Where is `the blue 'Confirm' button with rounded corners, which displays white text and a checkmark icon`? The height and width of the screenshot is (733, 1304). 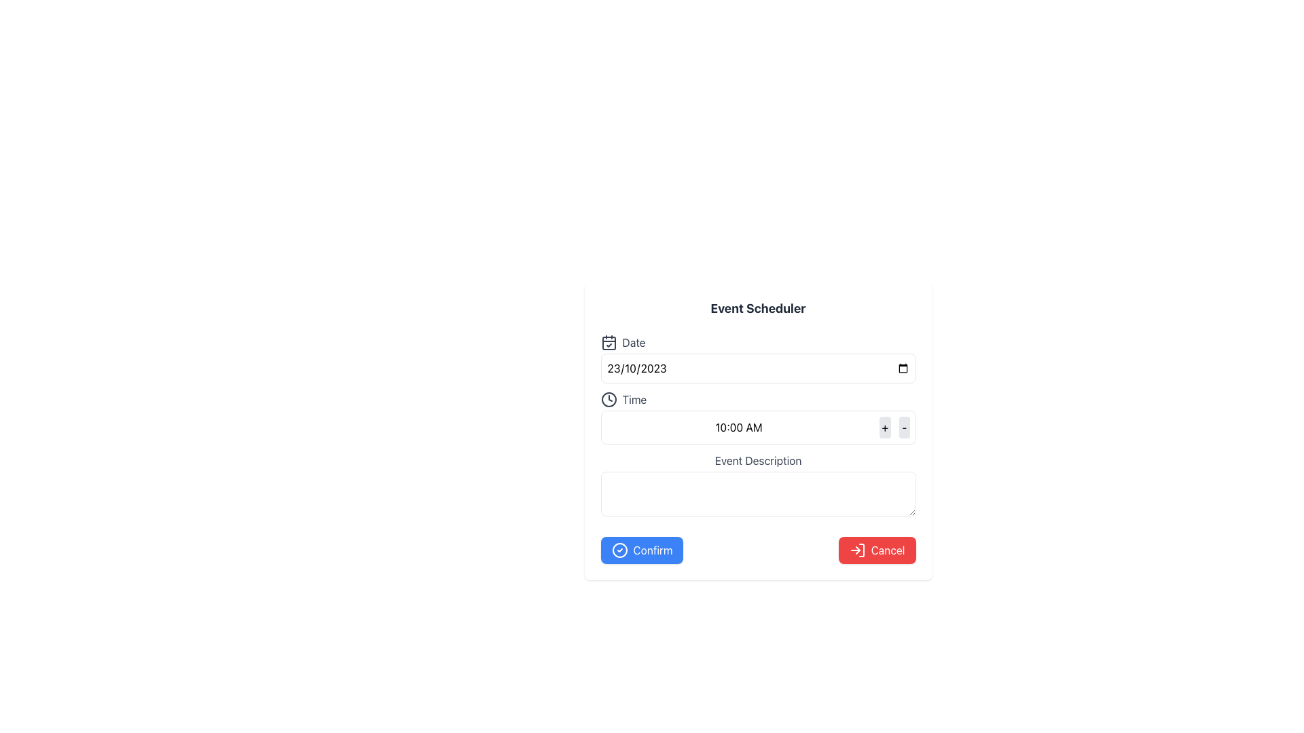
the blue 'Confirm' button with rounded corners, which displays white text and a checkmark icon is located at coordinates (641, 550).